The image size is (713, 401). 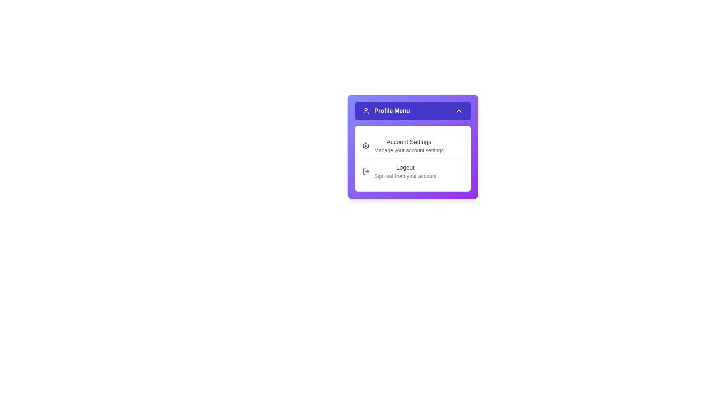 What do you see at coordinates (366, 146) in the screenshot?
I see `the icon next to Account Settings` at bounding box center [366, 146].